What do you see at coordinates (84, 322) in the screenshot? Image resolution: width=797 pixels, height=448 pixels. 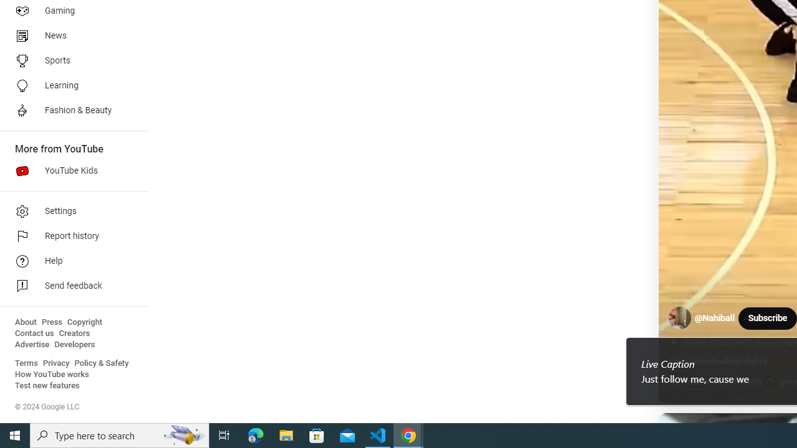 I see `'Copyright'` at bounding box center [84, 322].